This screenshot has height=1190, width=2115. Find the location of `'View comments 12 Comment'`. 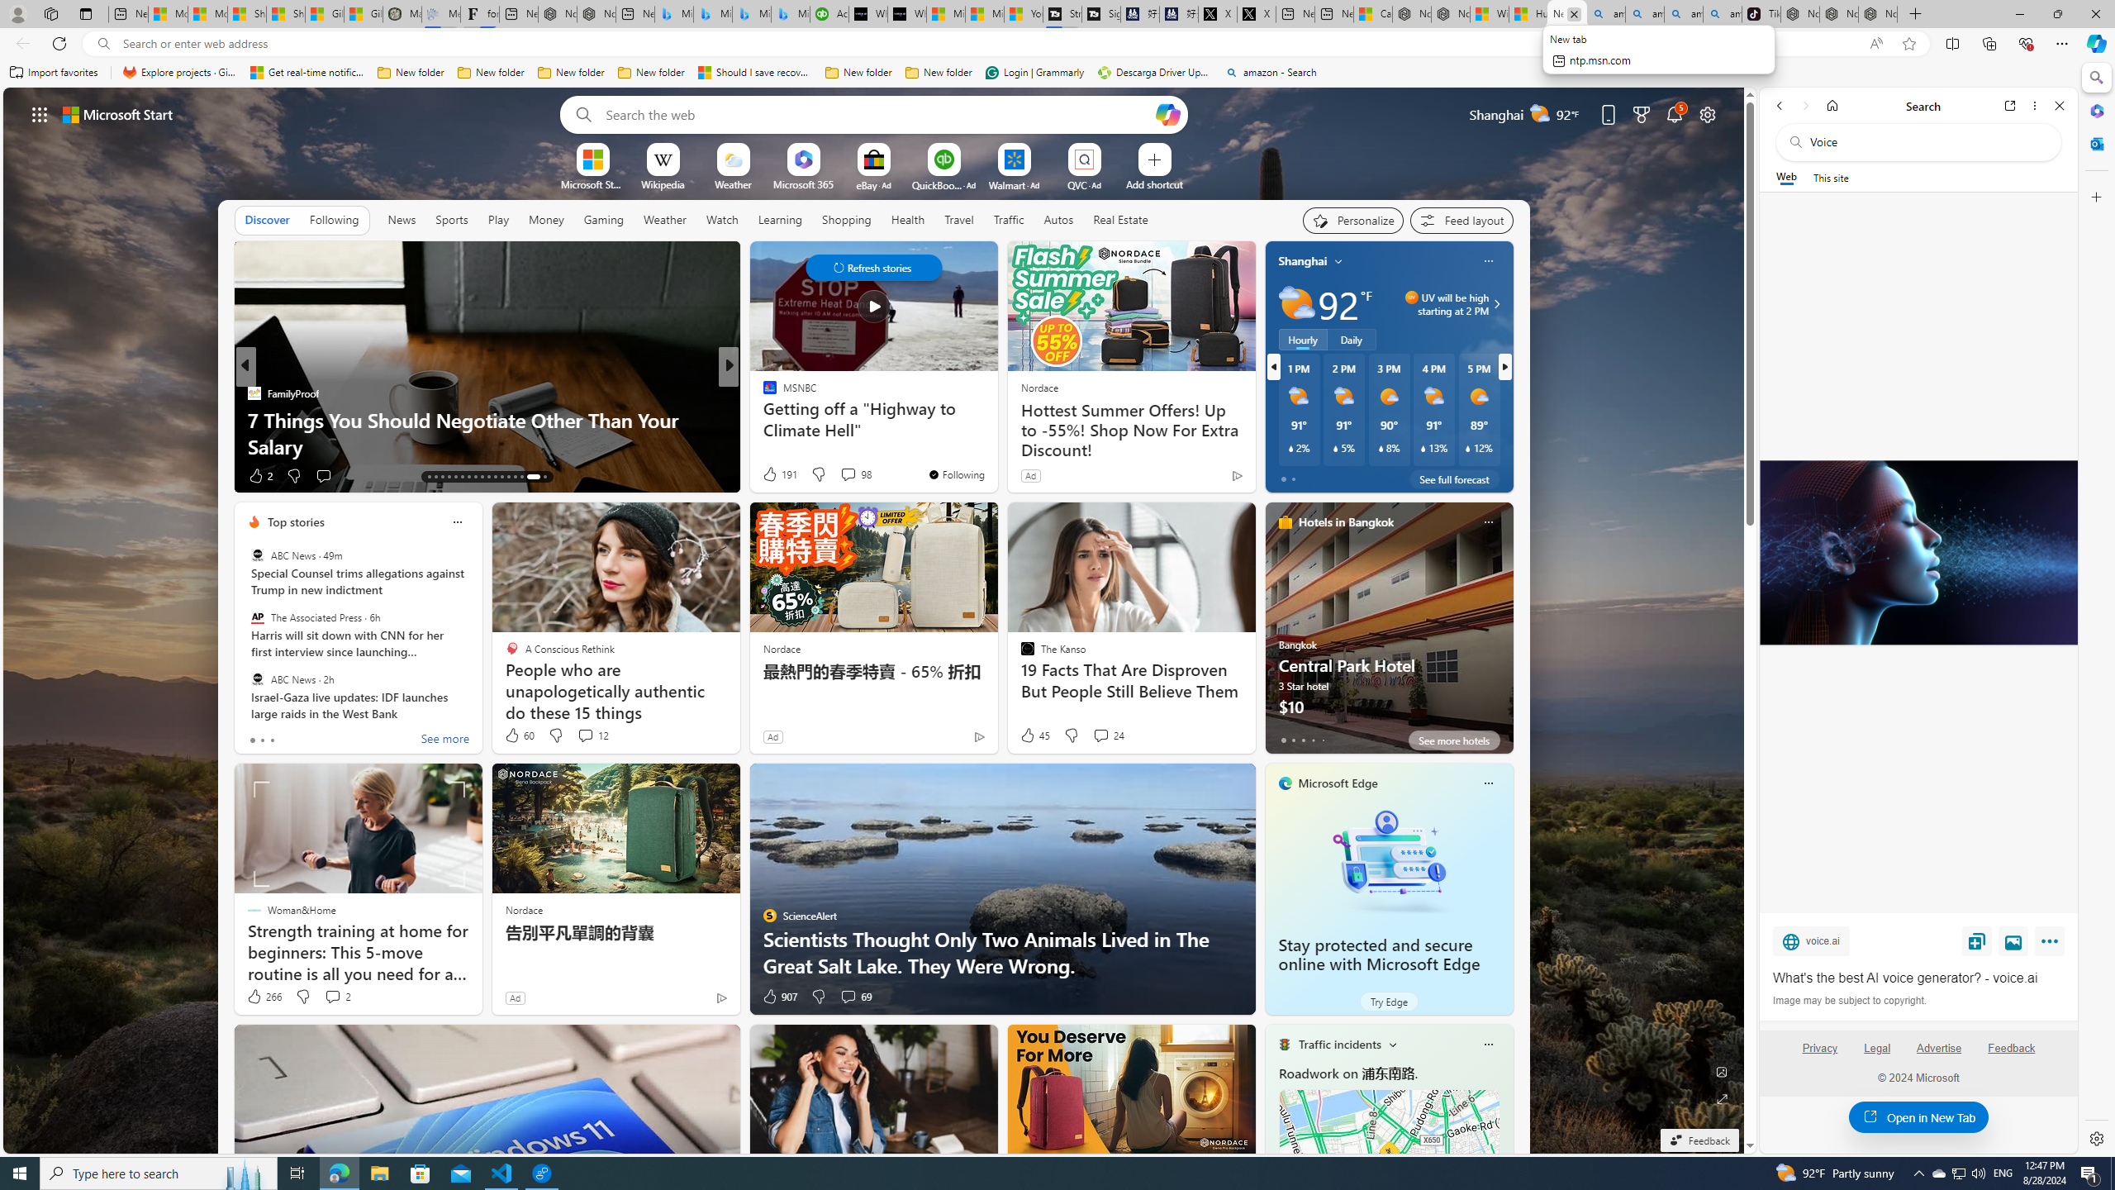

'View comments 12 Comment' is located at coordinates (586, 734).